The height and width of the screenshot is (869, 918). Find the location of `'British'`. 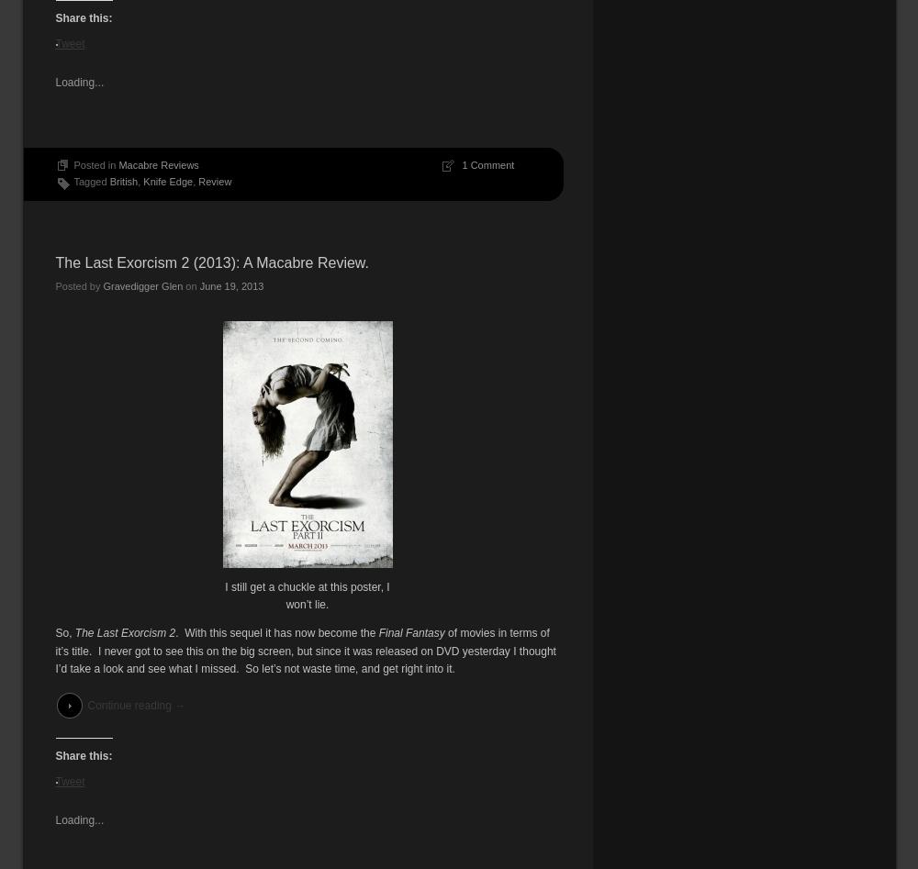

'British' is located at coordinates (123, 182).